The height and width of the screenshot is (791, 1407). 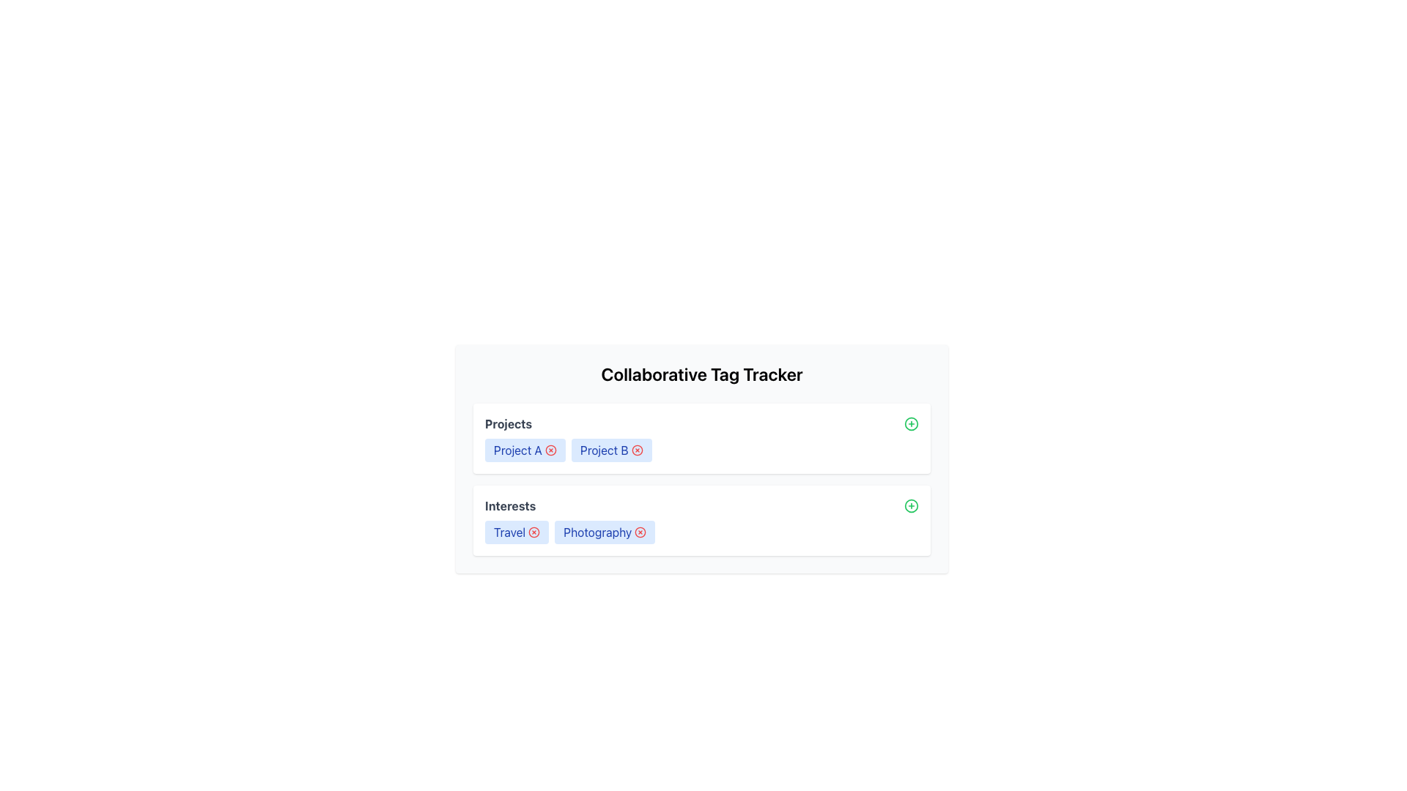 What do you see at coordinates (611, 449) in the screenshot?
I see `the text tag labeled 'Project B' with a rounded blue background and a small red 'X' icon to its right` at bounding box center [611, 449].